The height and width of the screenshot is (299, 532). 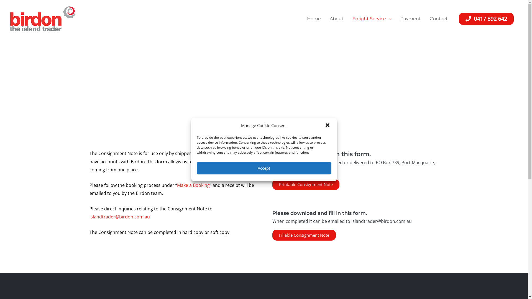 What do you see at coordinates (438, 19) in the screenshot?
I see `'Contact'` at bounding box center [438, 19].